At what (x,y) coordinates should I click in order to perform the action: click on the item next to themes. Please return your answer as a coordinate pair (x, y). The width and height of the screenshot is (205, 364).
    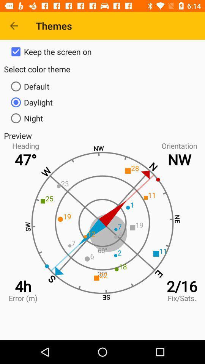
    Looking at the image, I should click on (14, 26).